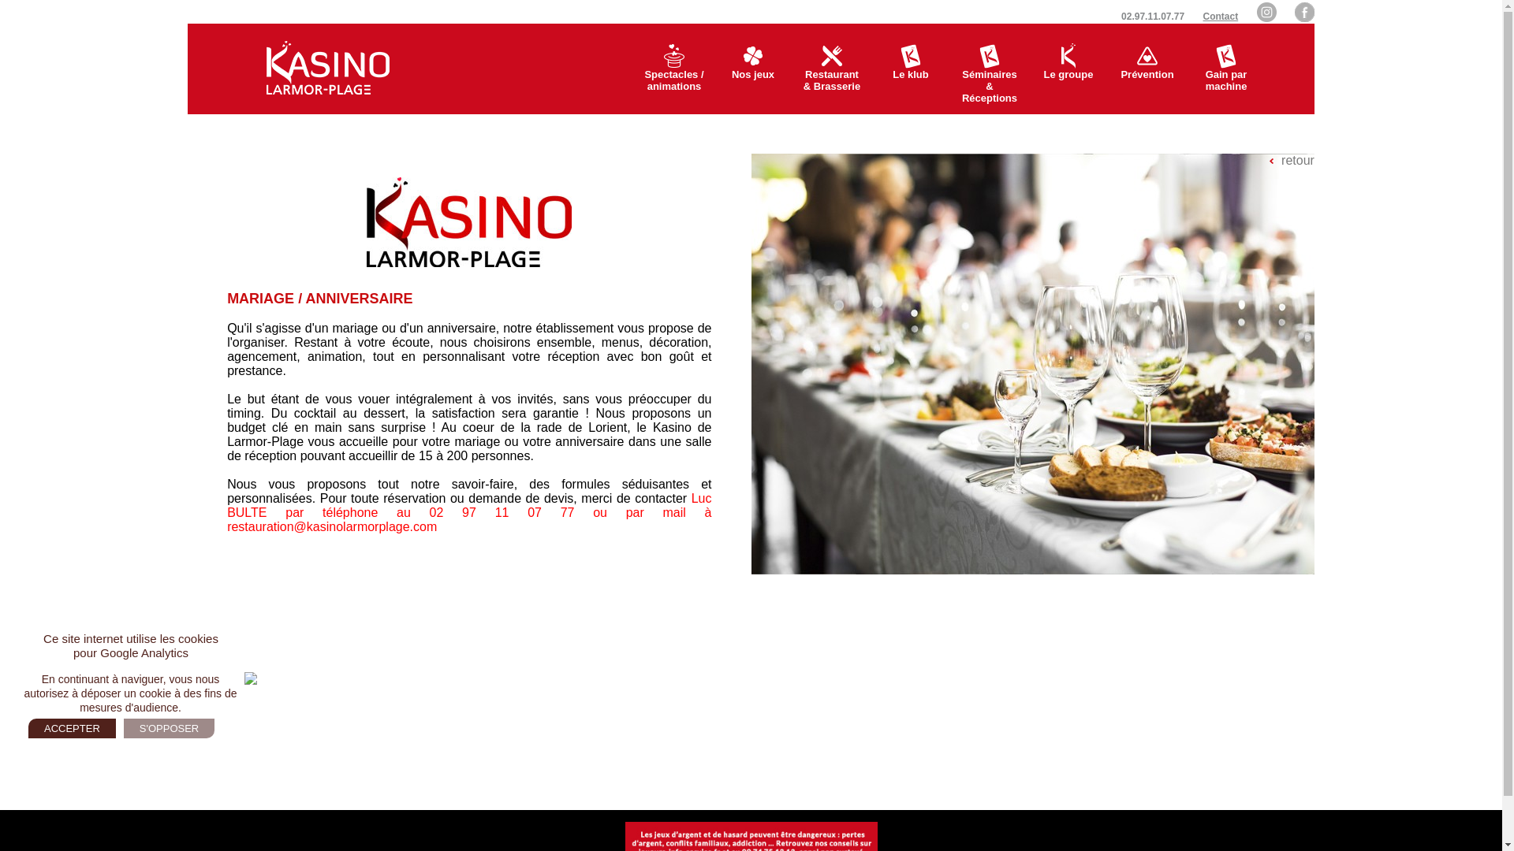 The height and width of the screenshot is (851, 1514). Describe the element at coordinates (792, 68) in the screenshot. I see `'Restaurant & Brasserie'` at that location.